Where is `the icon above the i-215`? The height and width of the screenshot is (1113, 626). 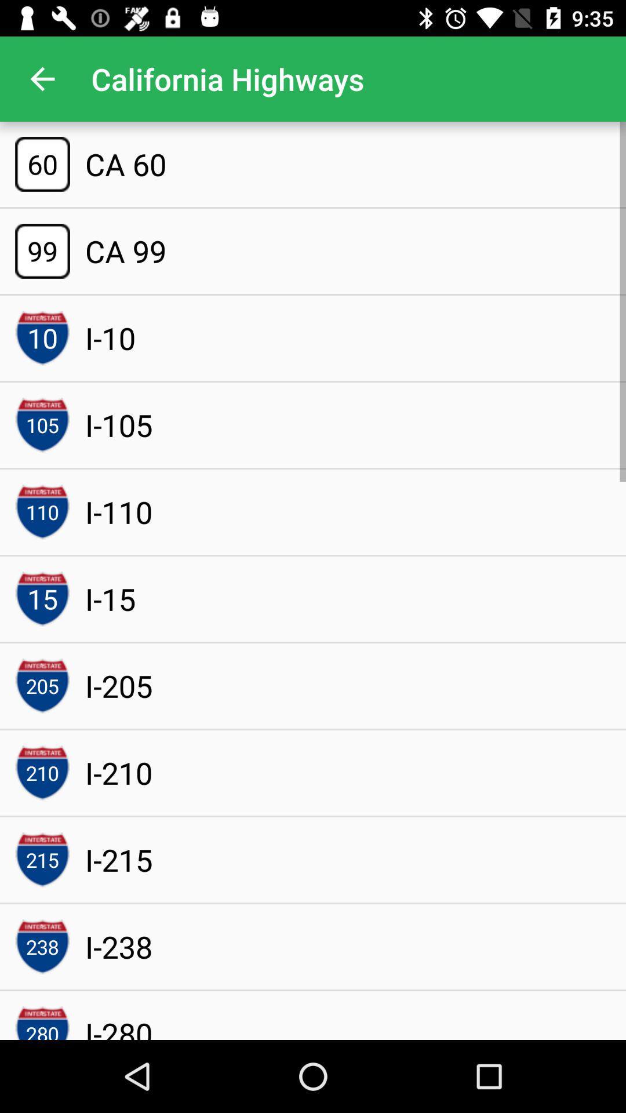
the icon above the i-215 is located at coordinates (119, 773).